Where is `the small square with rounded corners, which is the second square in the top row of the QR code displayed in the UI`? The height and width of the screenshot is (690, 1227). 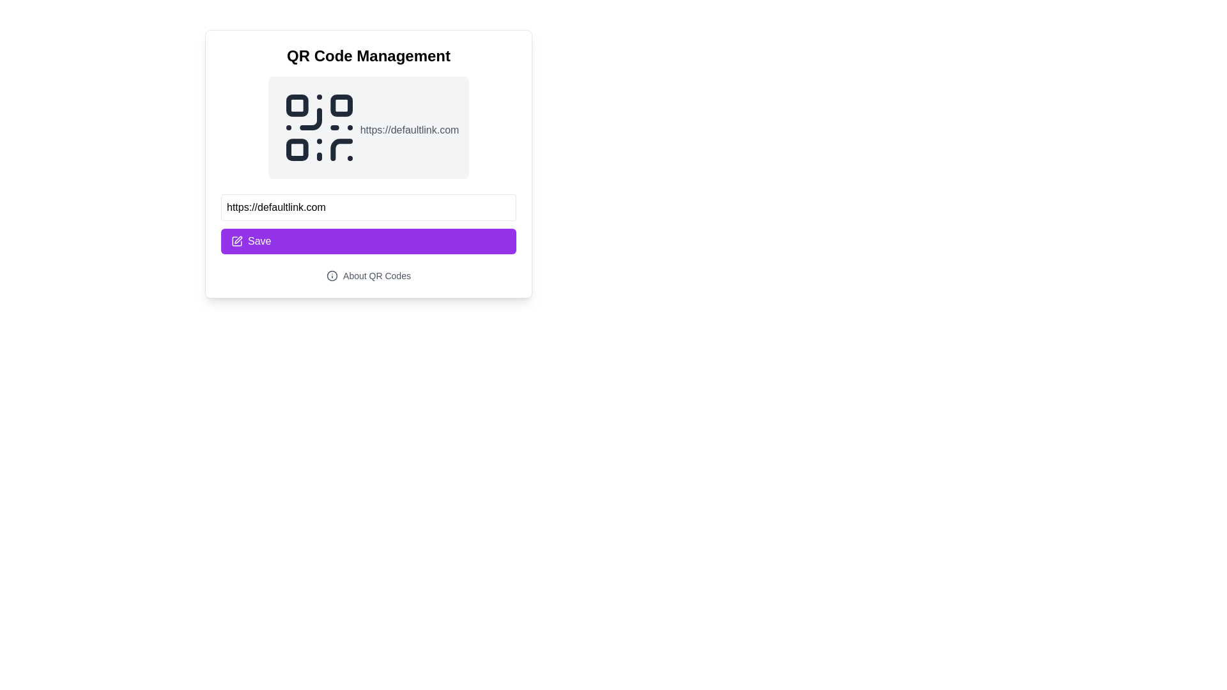
the small square with rounded corners, which is the second square in the top row of the QR code displayed in the UI is located at coordinates (341, 105).